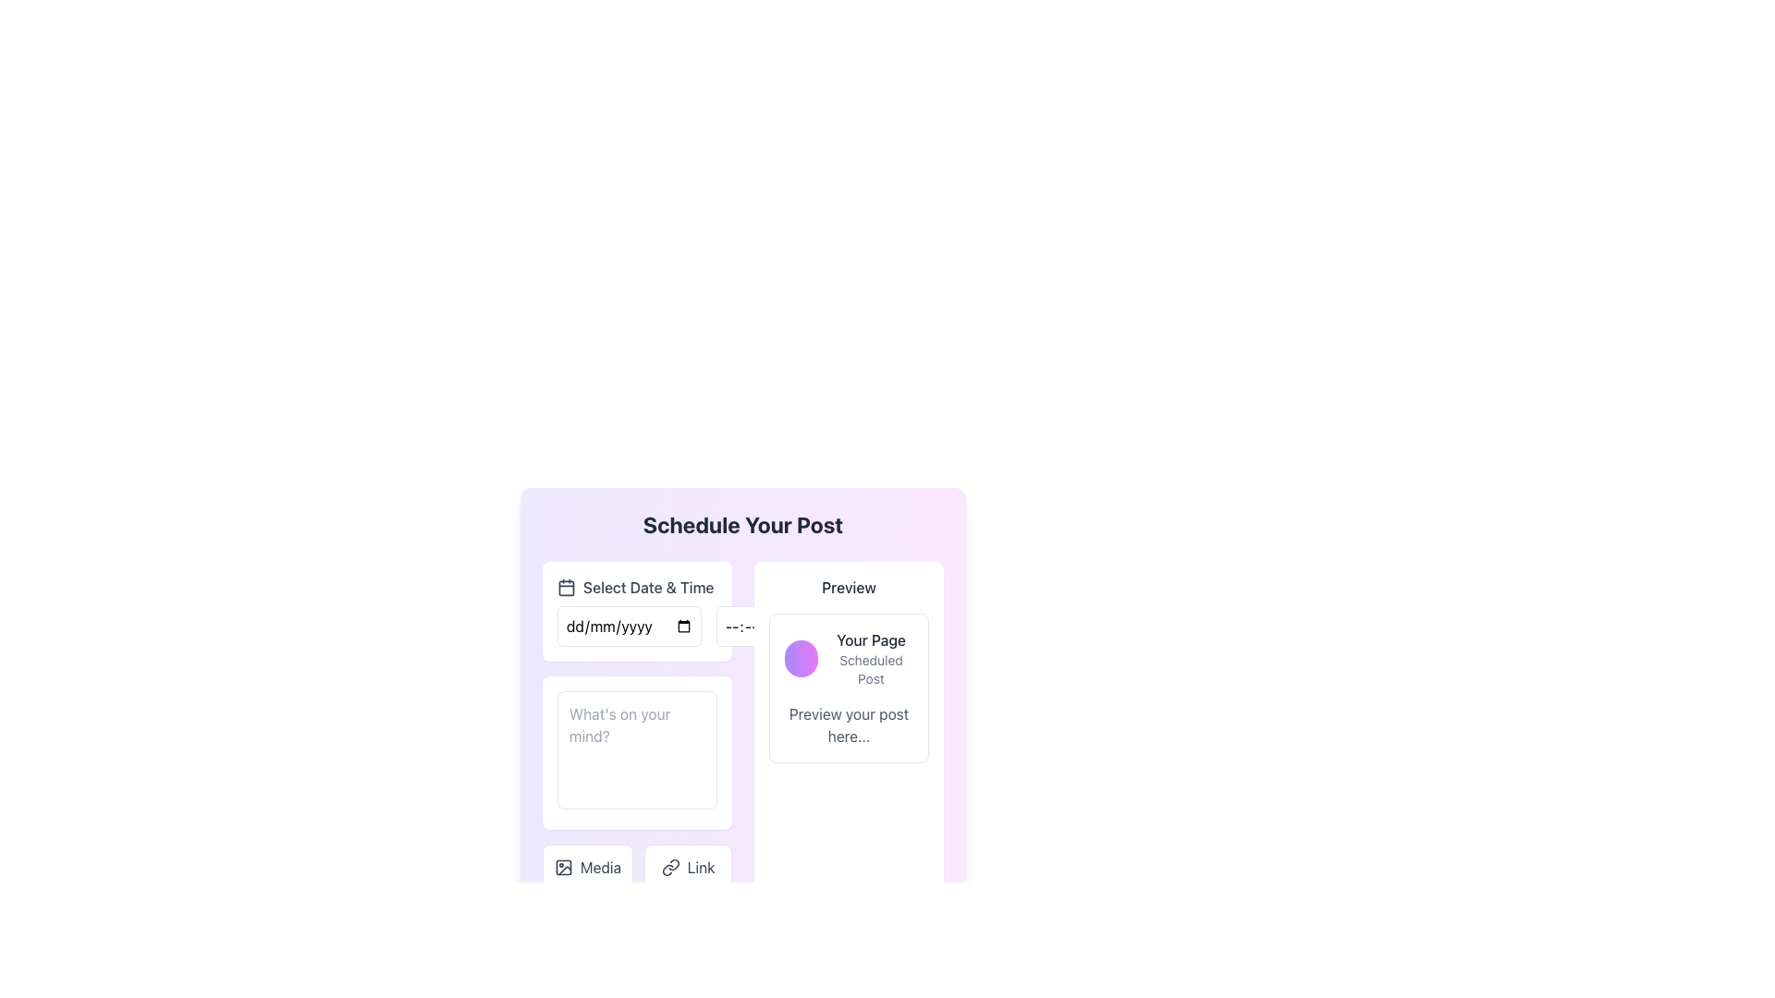 The image size is (1775, 998). Describe the element at coordinates (601, 867) in the screenshot. I see `the text label indicating media operations, positioned to the right of a small image icon` at that location.